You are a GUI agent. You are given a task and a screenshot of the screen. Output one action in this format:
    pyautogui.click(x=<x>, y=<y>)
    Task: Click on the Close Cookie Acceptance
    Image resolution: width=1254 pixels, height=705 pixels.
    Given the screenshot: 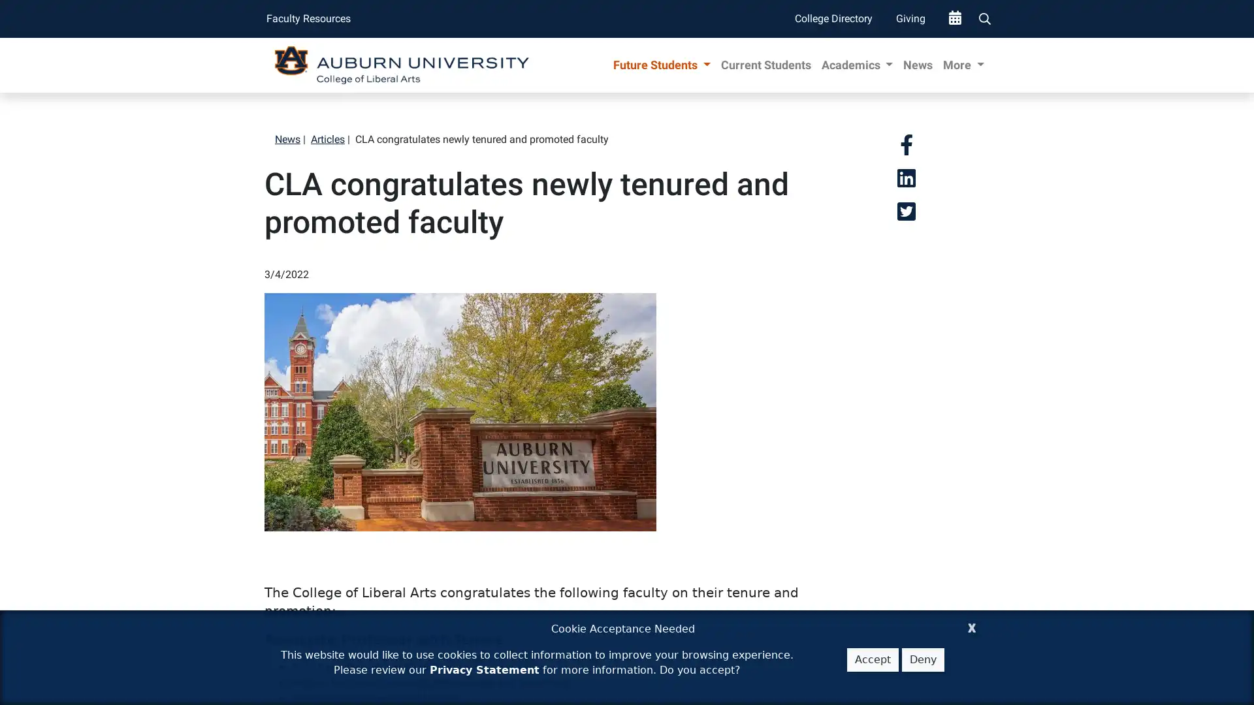 What is the action you would take?
    pyautogui.click(x=972, y=625)
    